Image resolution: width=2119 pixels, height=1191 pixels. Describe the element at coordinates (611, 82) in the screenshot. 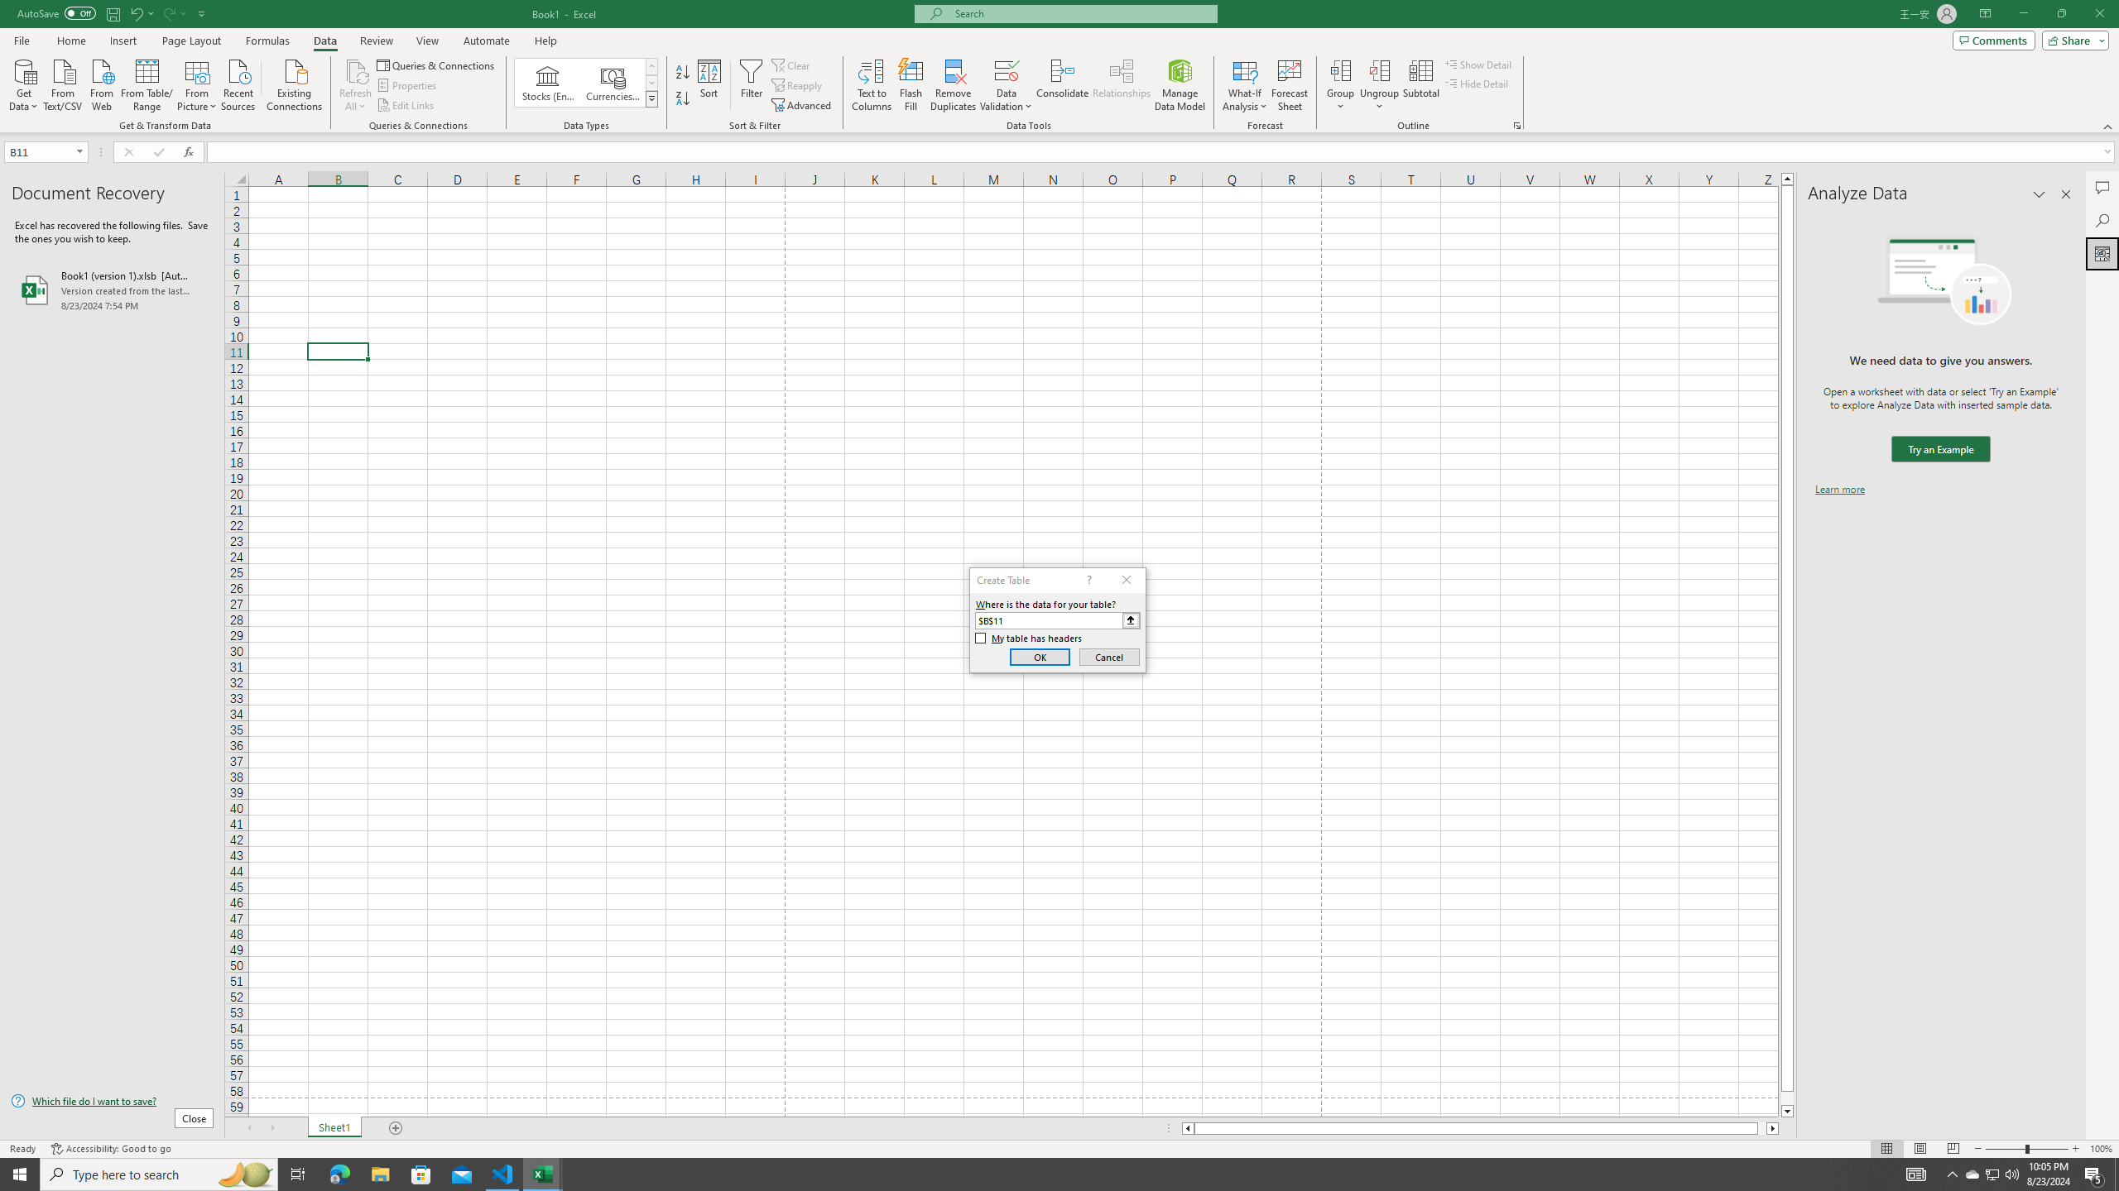

I see `'Currencies (English)'` at that location.